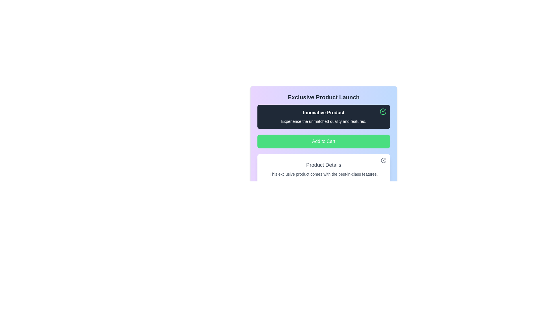  Describe the element at coordinates (324, 117) in the screenshot. I see `the informational panel with the dark gray background that contains the bold text 'Innovative Product' and a green checkmark icon` at that location.